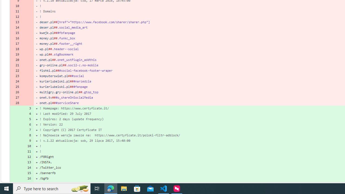 The height and width of the screenshot is (194, 345). What do you see at coordinates (16, 103) in the screenshot?
I see `'28'` at bounding box center [16, 103].